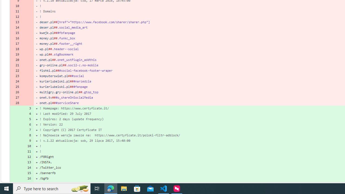 The height and width of the screenshot is (194, 345). What do you see at coordinates (16, 103) in the screenshot?
I see `'28'` at bounding box center [16, 103].